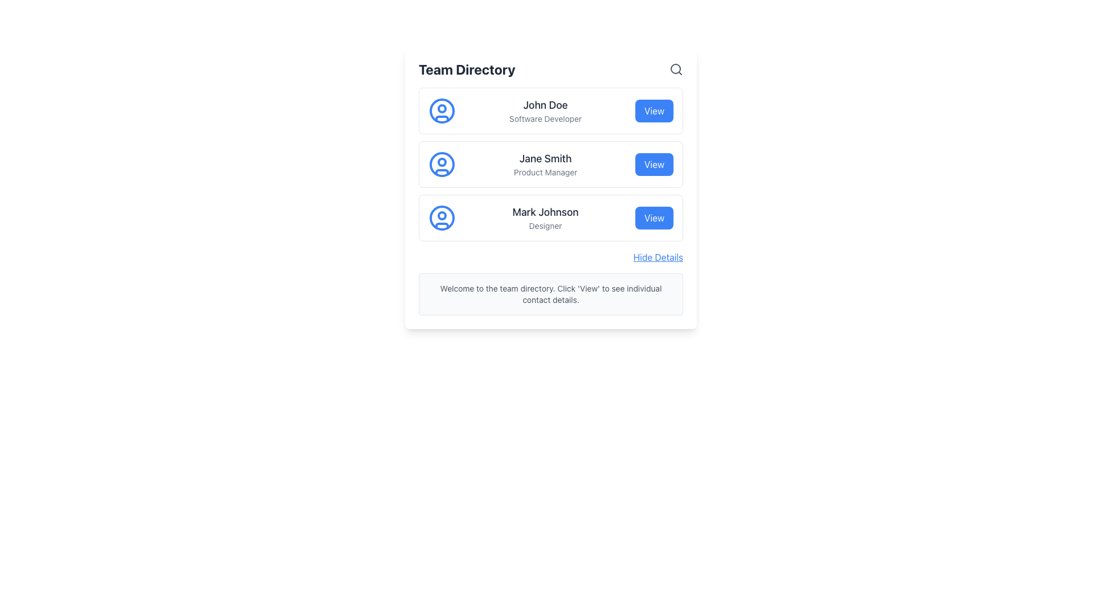 The height and width of the screenshot is (615, 1094). What do you see at coordinates (654, 218) in the screenshot?
I see `the 'View' button with a blue background and white text, which is located to the right of the profile section for 'Mark Johnson, Designer'` at bounding box center [654, 218].